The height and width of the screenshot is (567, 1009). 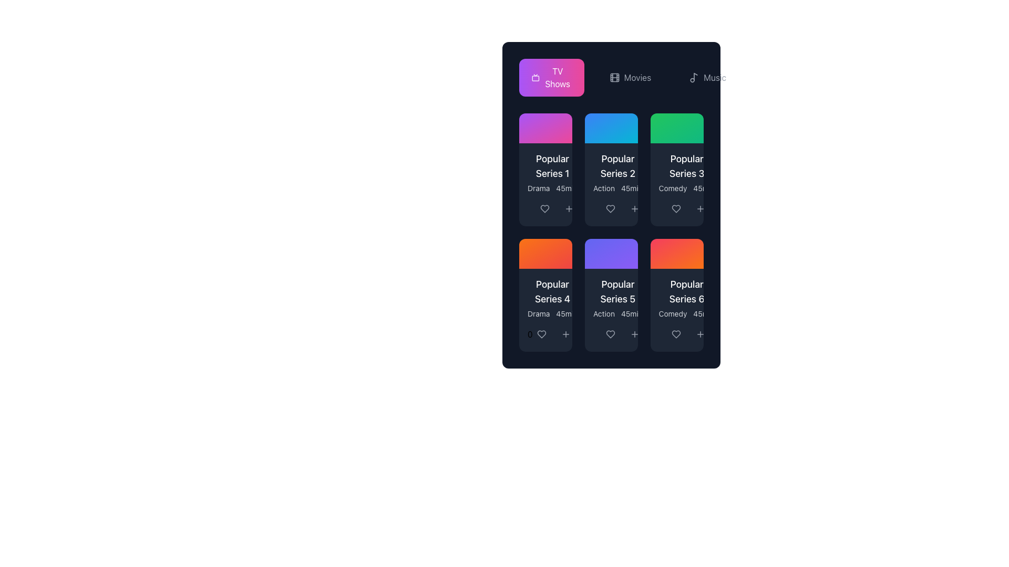 What do you see at coordinates (676, 334) in the screenshot?
I see `the heart icon located at the bottom section of the card for 'Popular Series 6' to mark the item as favorite` at bounding box center [676, 334].